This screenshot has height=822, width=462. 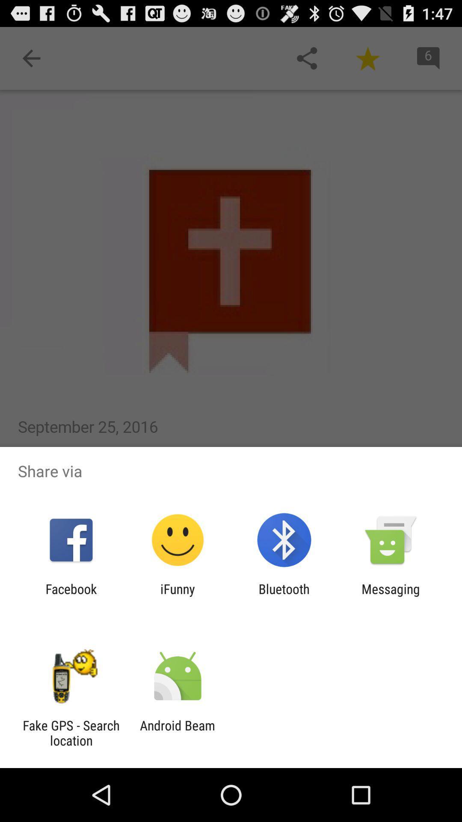 What do you see at coordinates (391, 596) in the screenshot?
I see `item next to the bluetooth item` at bounding box center [391, 596].